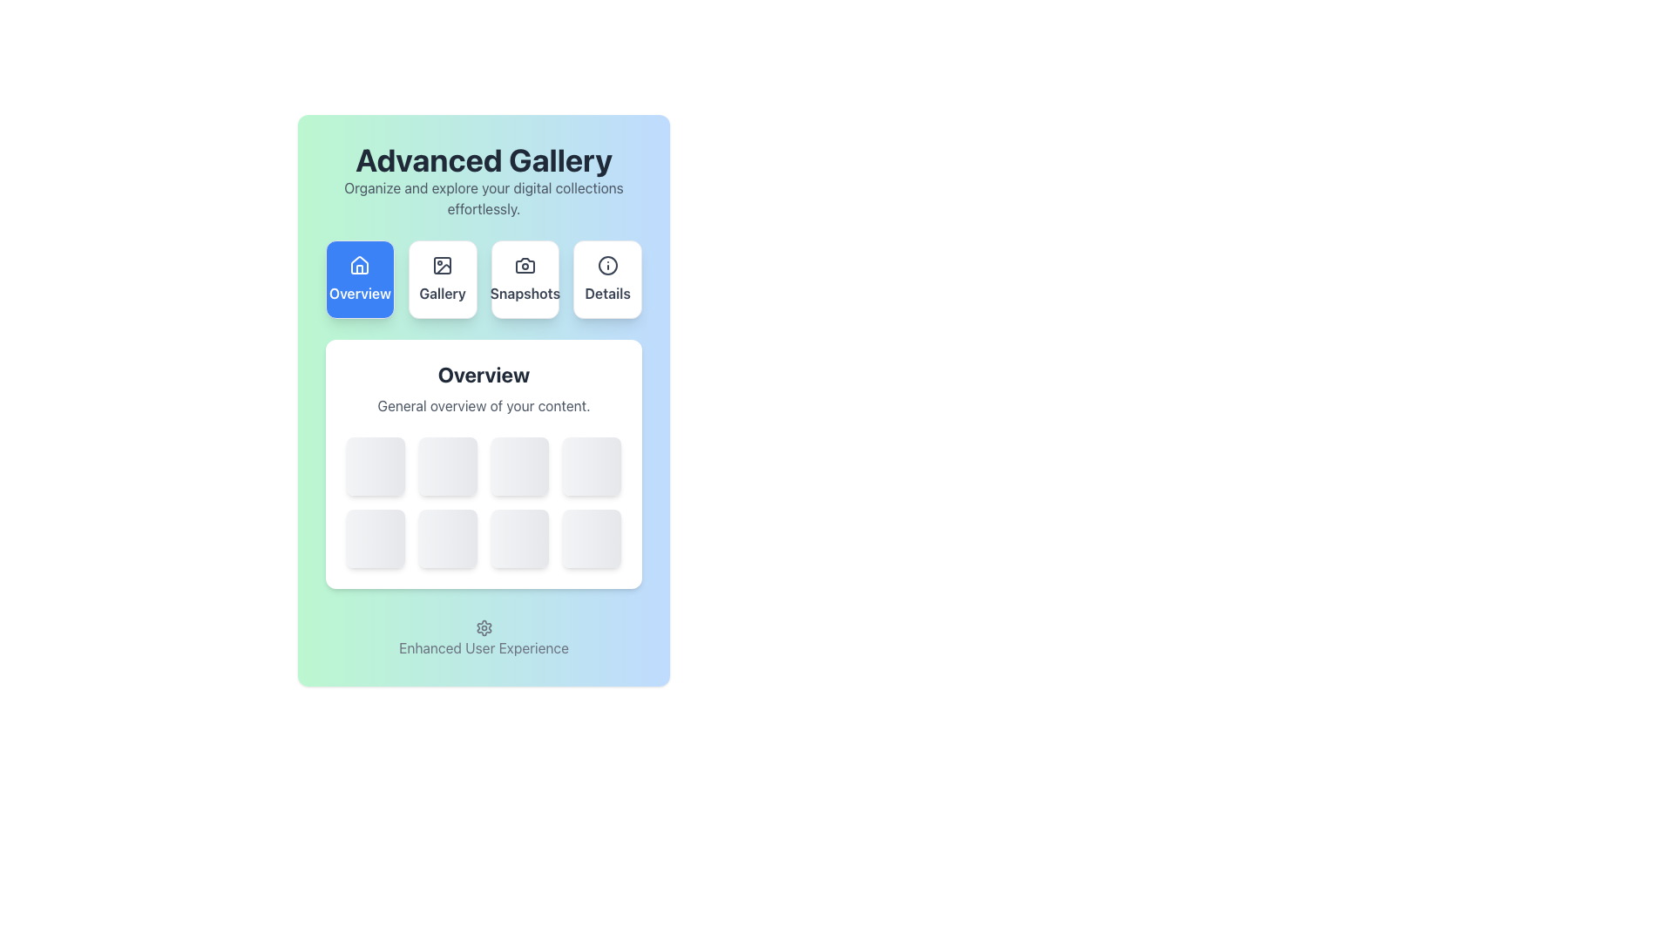  I want to click on the 'Snapshots' text label, which is styled in bolded sans-serif font and located under a camera icon within a rounded rectangular button, so click(524, 292).